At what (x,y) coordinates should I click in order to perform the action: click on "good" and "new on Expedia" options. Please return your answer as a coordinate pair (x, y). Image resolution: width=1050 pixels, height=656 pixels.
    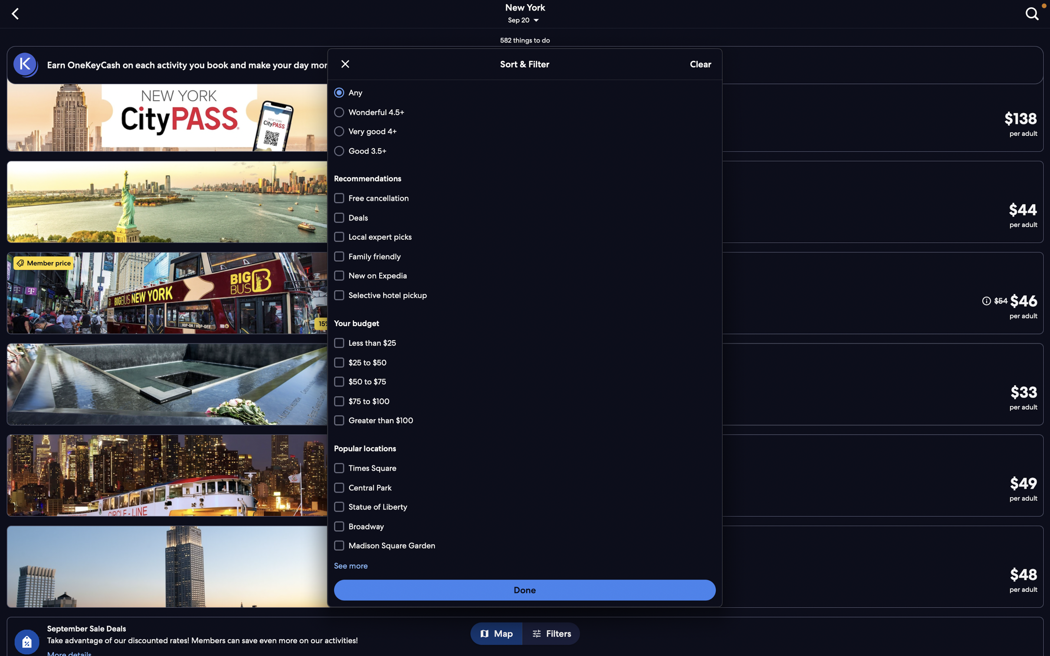
    Looking at the image, I should click on (523, 150).